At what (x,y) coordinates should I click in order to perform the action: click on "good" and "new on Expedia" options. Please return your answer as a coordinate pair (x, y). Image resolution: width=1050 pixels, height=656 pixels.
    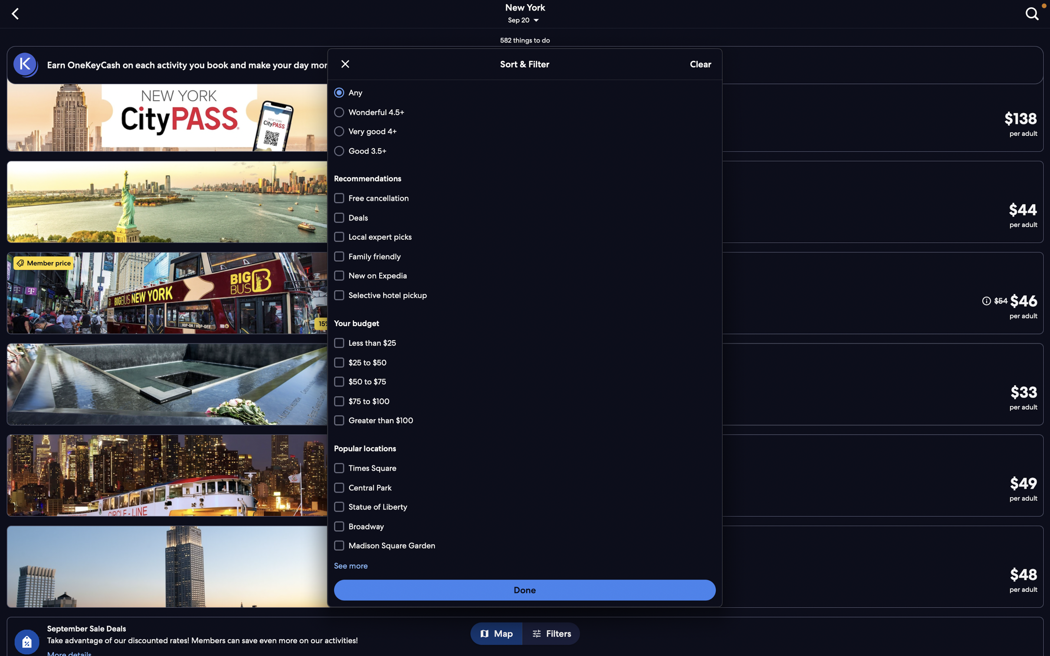
    Looking at the image, I should click on (523, 150).